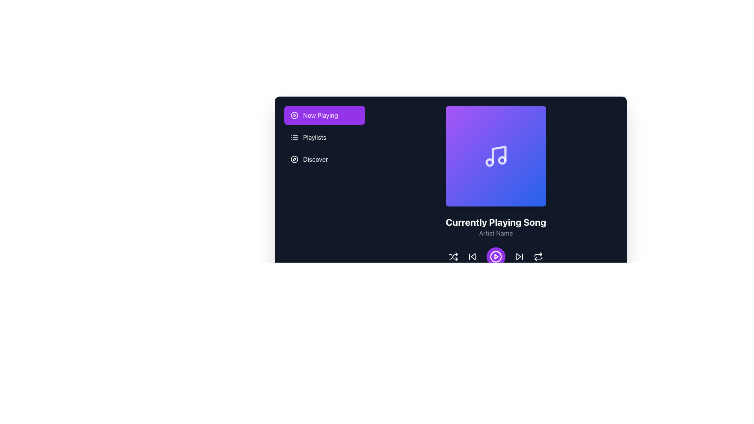 This screenshot has height=424, width=754. What do you see at coordinates (454, 257) in the screenshot?
I see `the shuffle button located centrally in the control bar` at bounding box center [454, 257].